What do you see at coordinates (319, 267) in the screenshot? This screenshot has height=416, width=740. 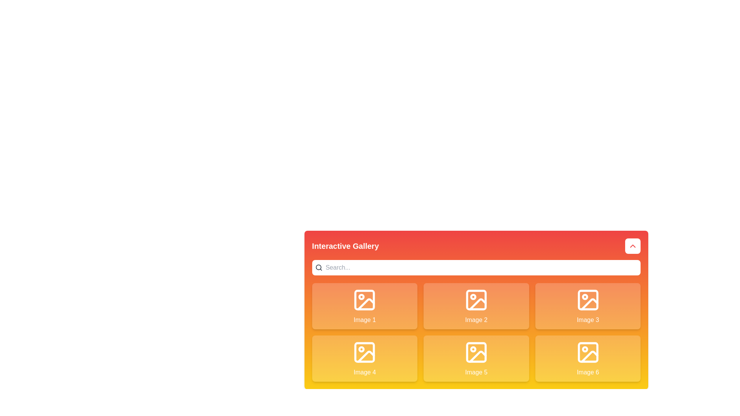 I see `the magnifying glass icon located at the leftmost side of the horizontal search bar beneath the title 'Interactive Gallery'` at bounding box center [319, 267].